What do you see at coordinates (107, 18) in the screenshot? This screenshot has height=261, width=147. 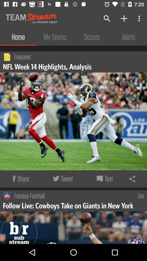 I see `the item above the scores icon` at bounding box center [107, 18].